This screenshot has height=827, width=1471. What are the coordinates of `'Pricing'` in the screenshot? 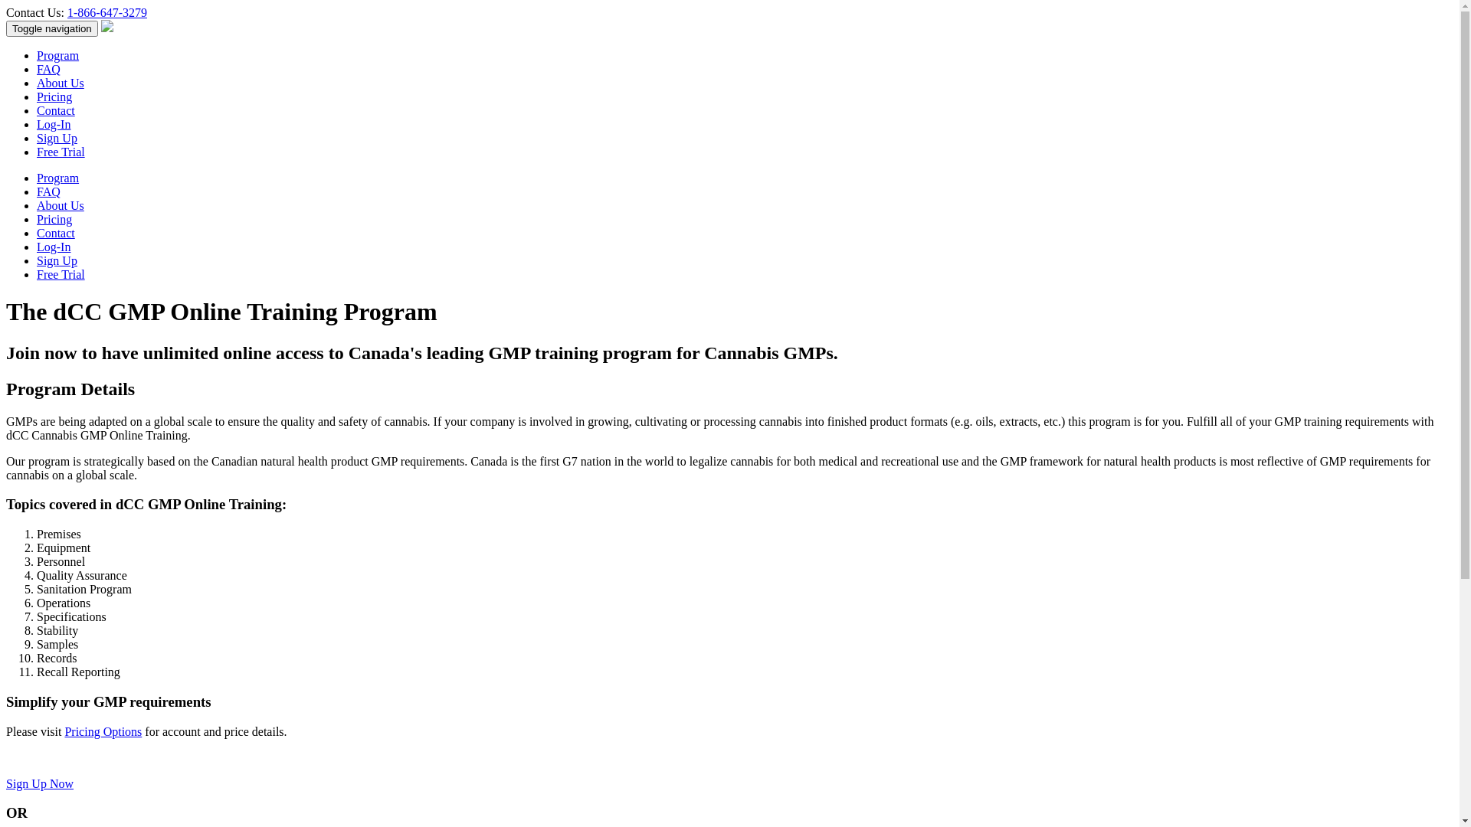 It's located at (54, 219).